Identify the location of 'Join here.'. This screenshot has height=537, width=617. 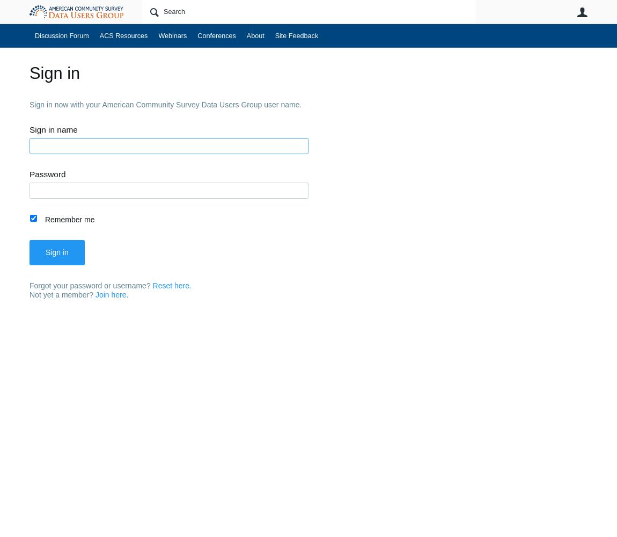
(111, 294).